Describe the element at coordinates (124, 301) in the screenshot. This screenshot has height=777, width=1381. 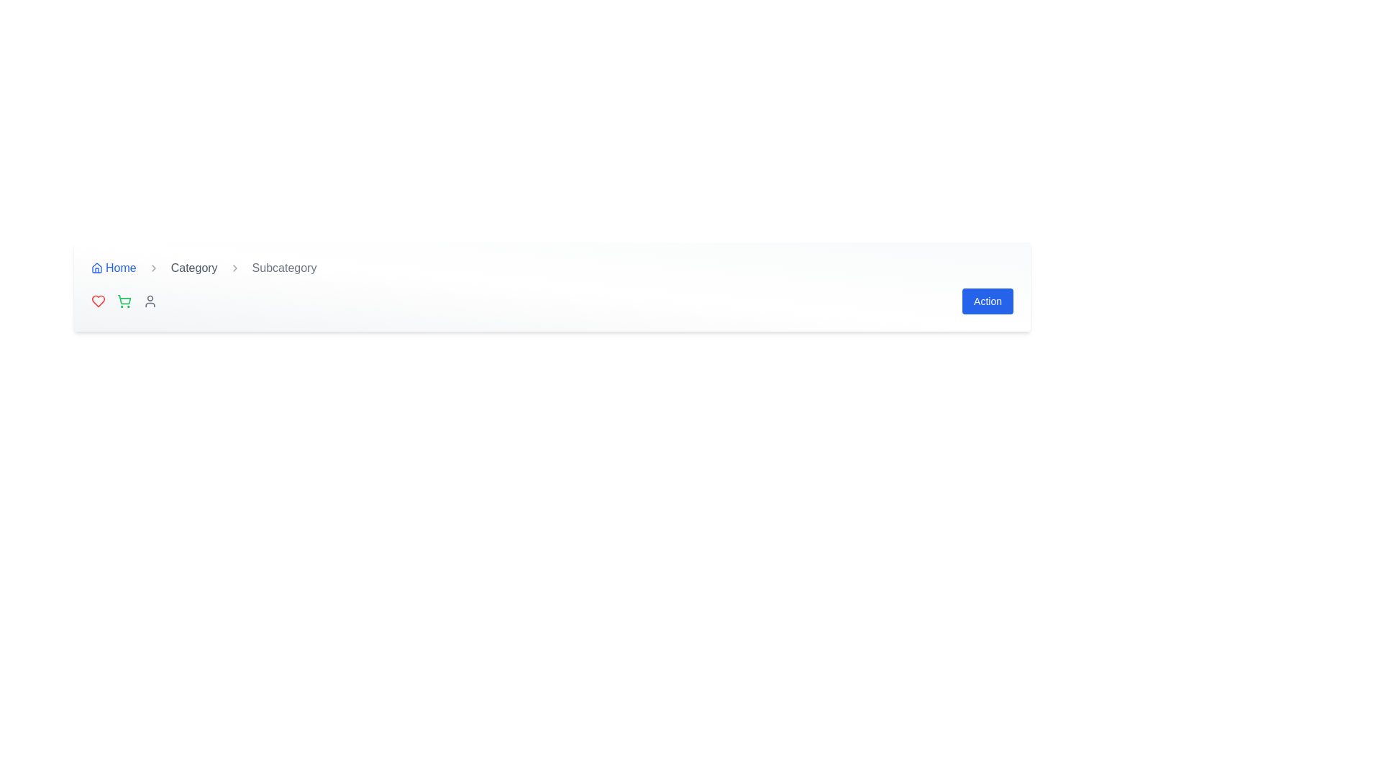
I see `the shopping cart icon located between the red heart icon and the gray user profile icon` at that location.